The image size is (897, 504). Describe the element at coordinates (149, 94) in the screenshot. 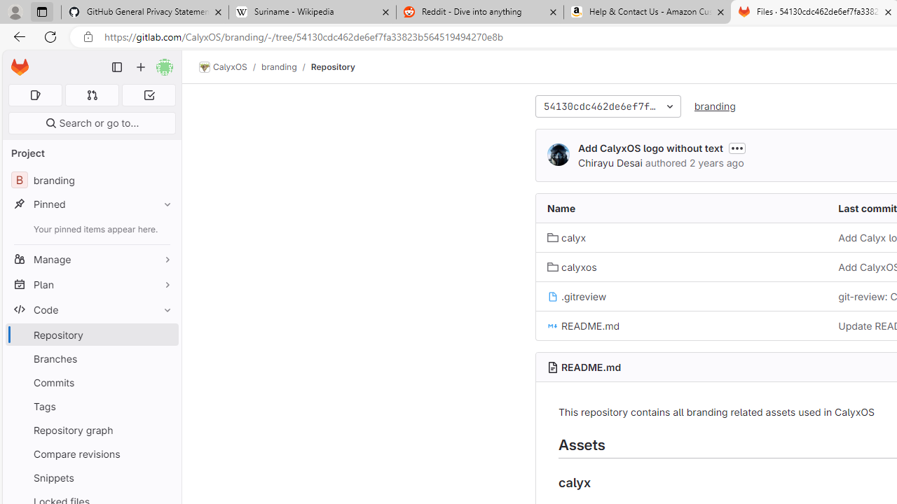

I see `'To-Do list 0'` at that location.